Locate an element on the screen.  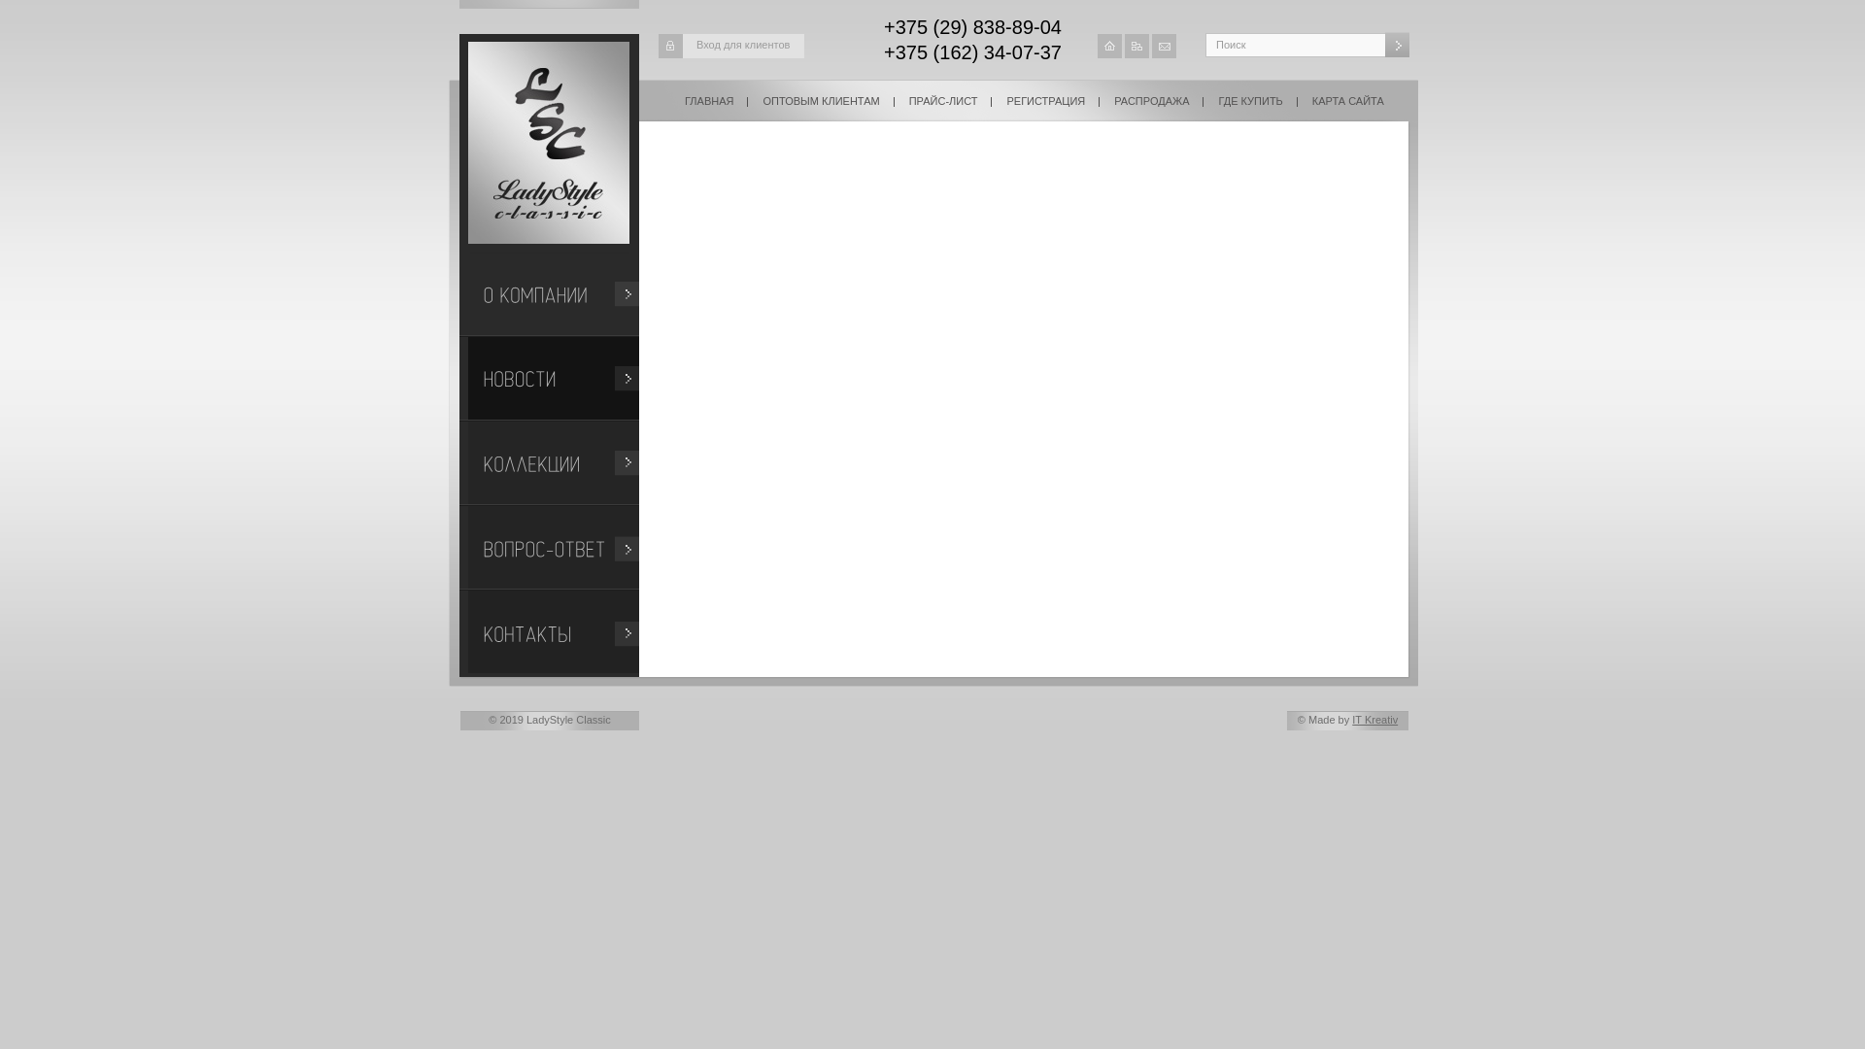
'IT Kreativ' is located at coordinates (1373, 719).